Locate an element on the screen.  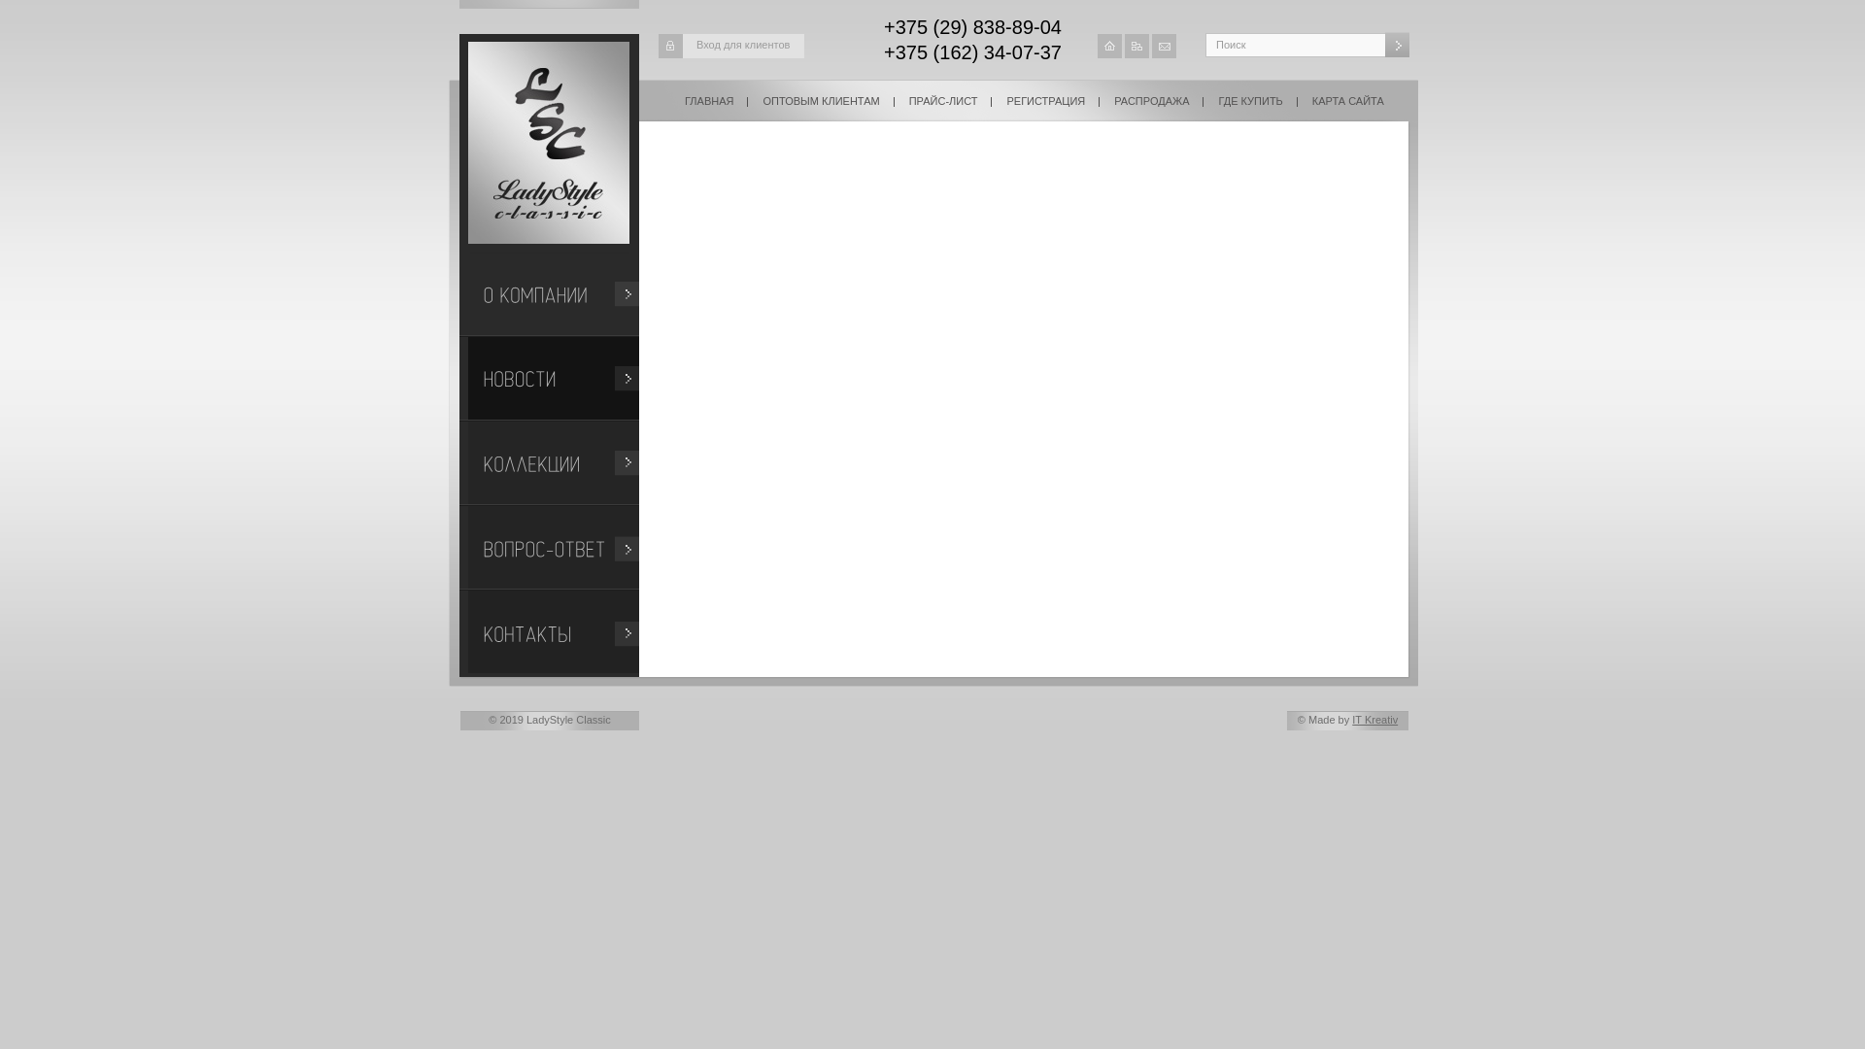
'IT Kreativ' is located at coordinates (1373, 719).